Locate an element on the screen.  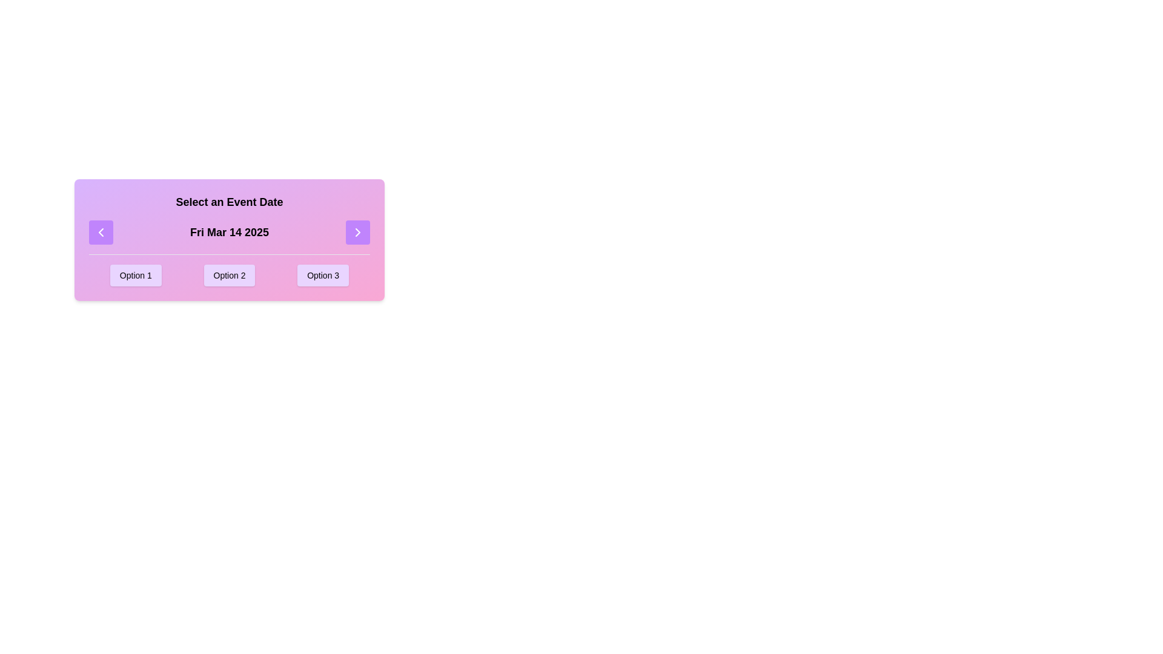
the navigational icon used to move forward in a sequence, located on the far right side of the date selection module is located at coordinates (357, 233).